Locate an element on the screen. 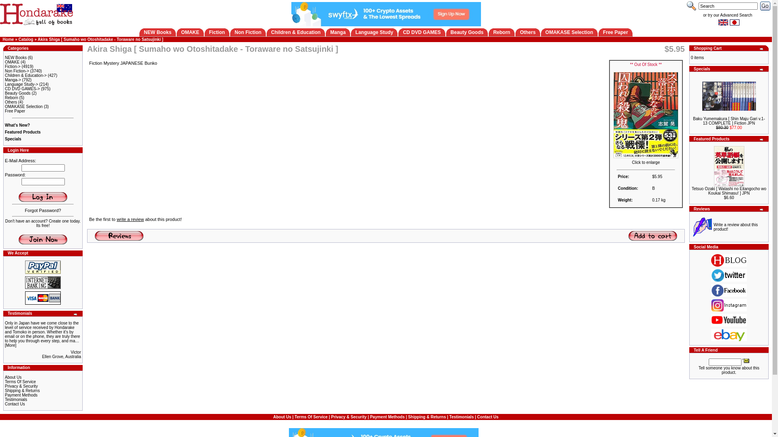 Image resolution: width=778 pixels, height=437 pixels. 'Contact Us' is located at coordinates (5, 403).